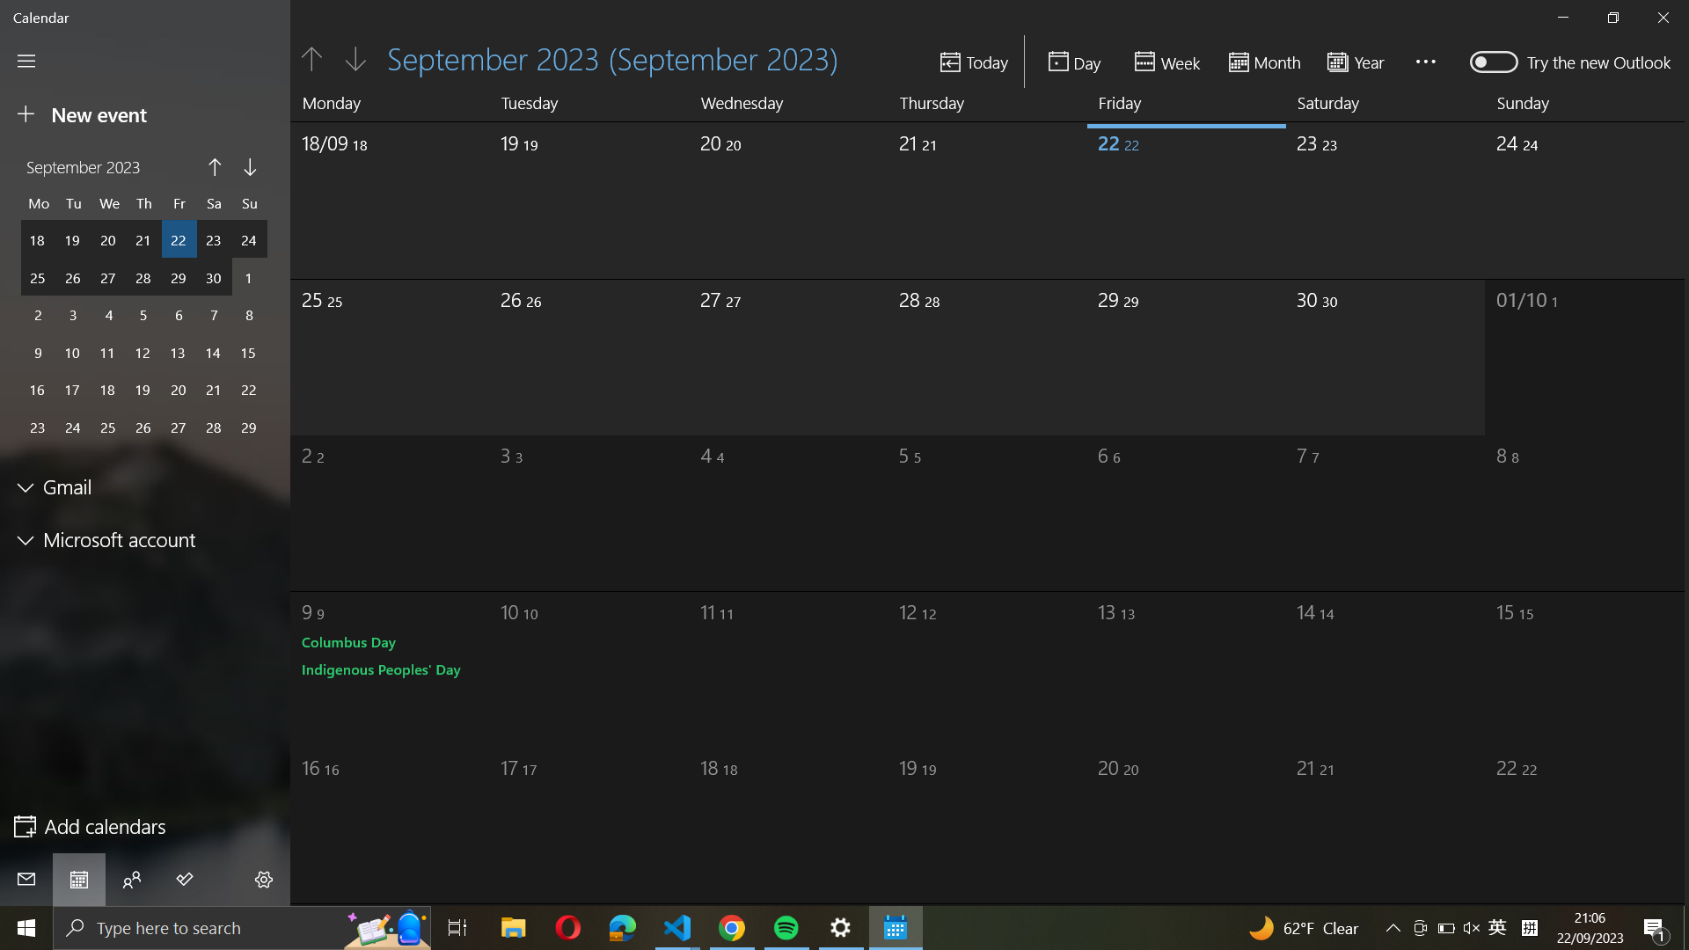 The width and height of the screenshot is (1689, 950). What do you see at coordinates (1161, 662) in the screenshot?
I see `the thirteenth of October on your calendar` at bounding box center [1161, 662].